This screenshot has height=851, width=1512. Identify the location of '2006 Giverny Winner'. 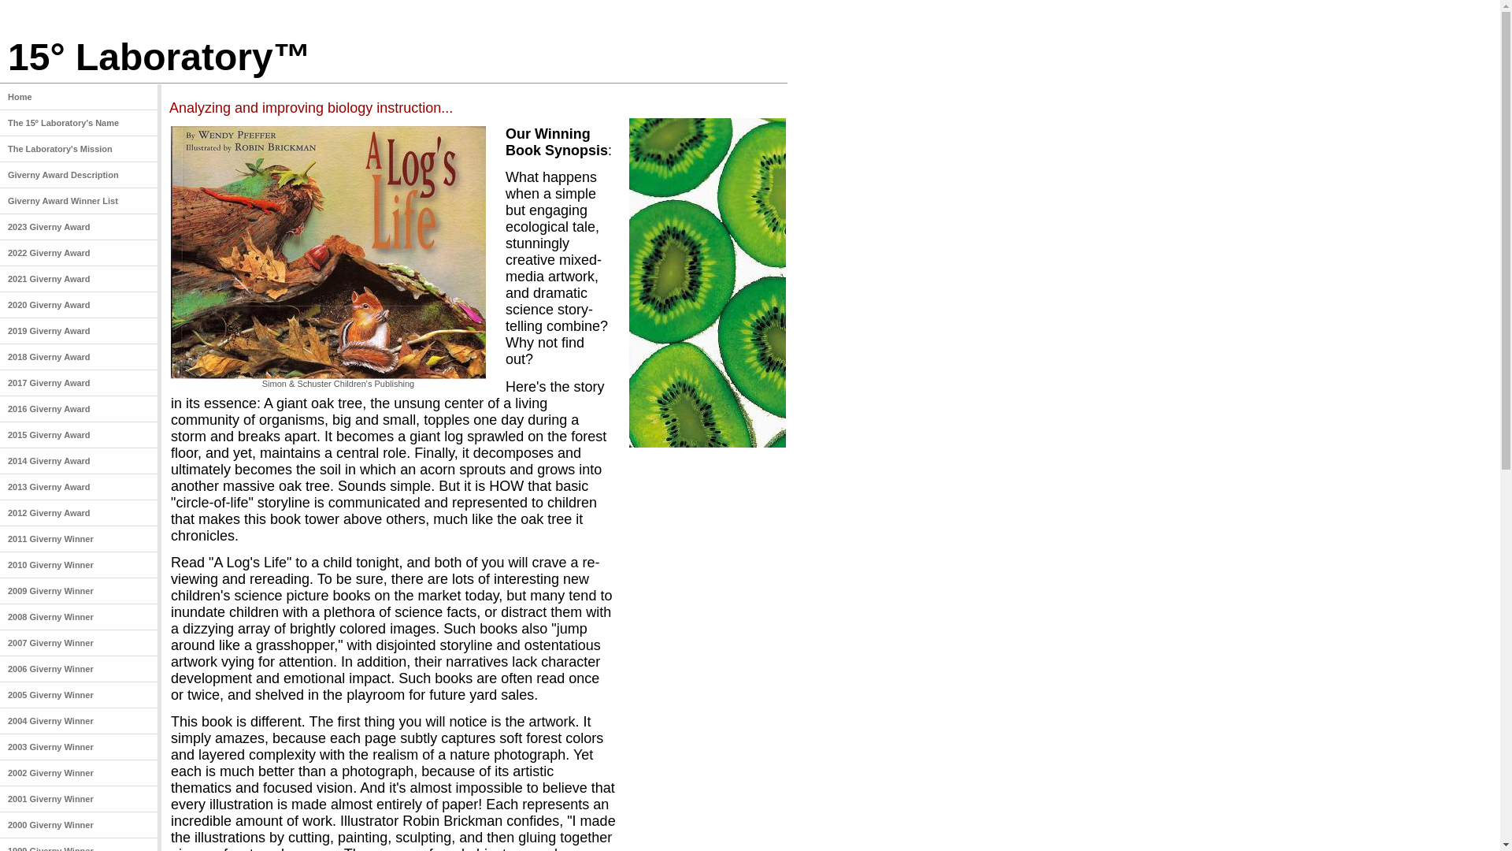
(78, 669).